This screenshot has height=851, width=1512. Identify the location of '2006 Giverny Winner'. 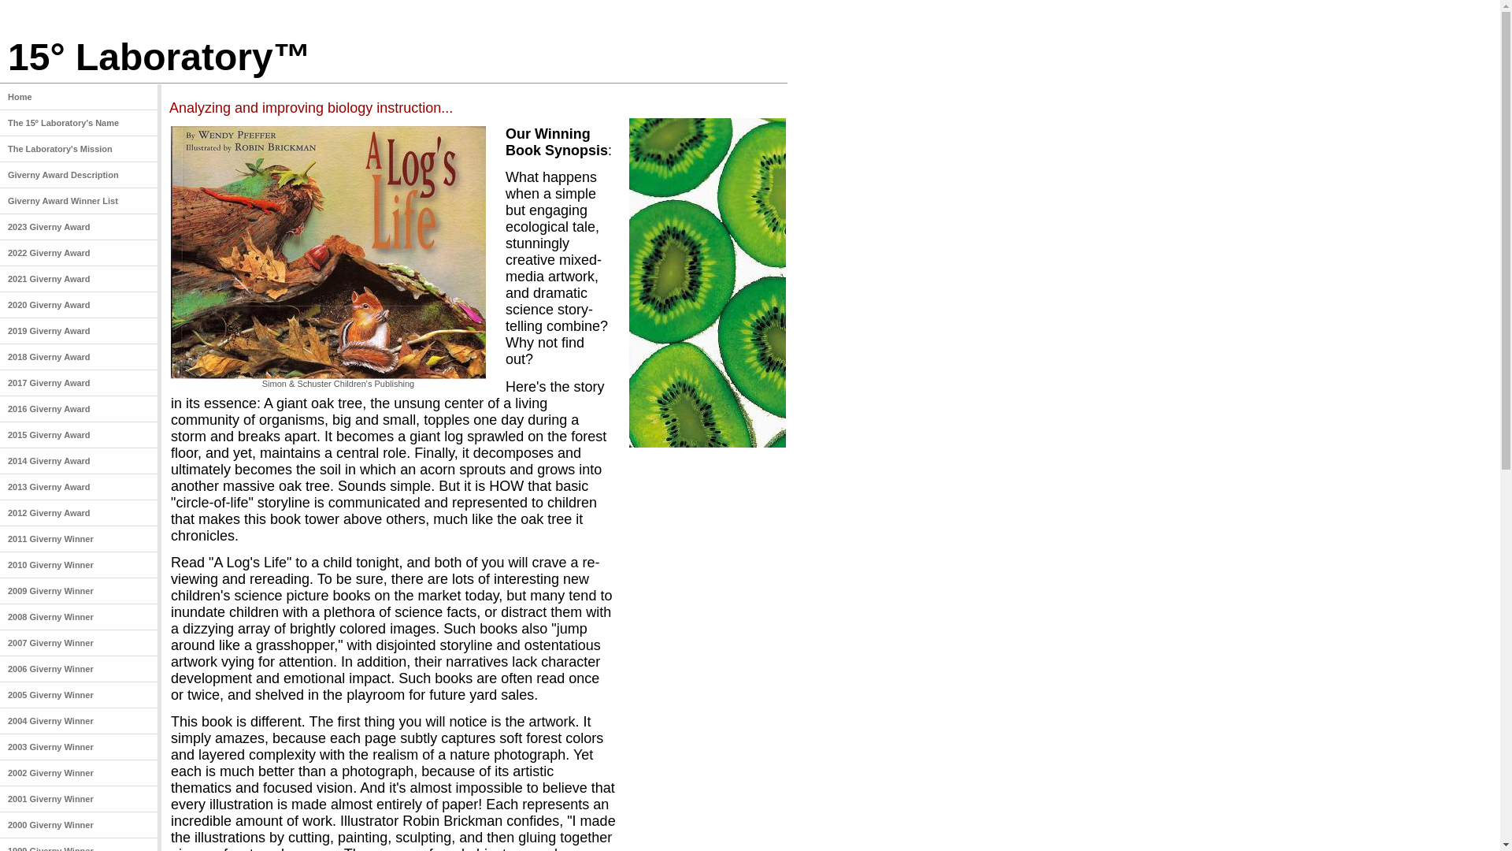
(78, 669).